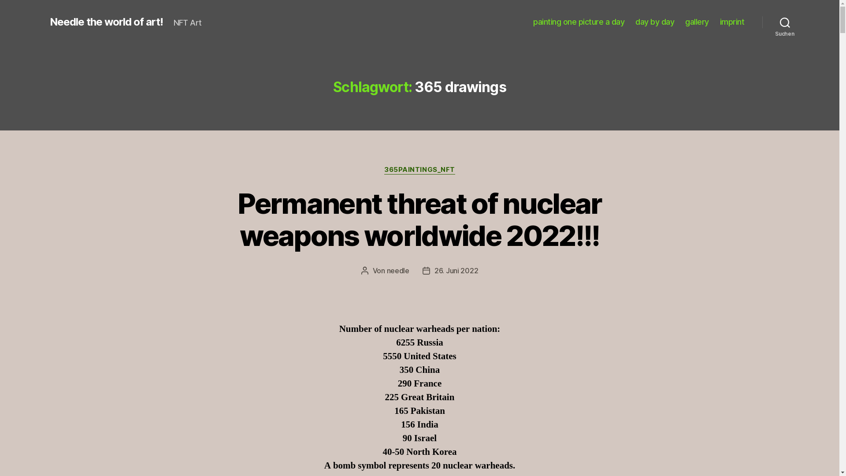 The height and width of the screenshot is (476, 846). What do you see at coordinates (106, 22) in the screenshot?
I see `'Needle the world of art!'` at bounding box center [106, 22].